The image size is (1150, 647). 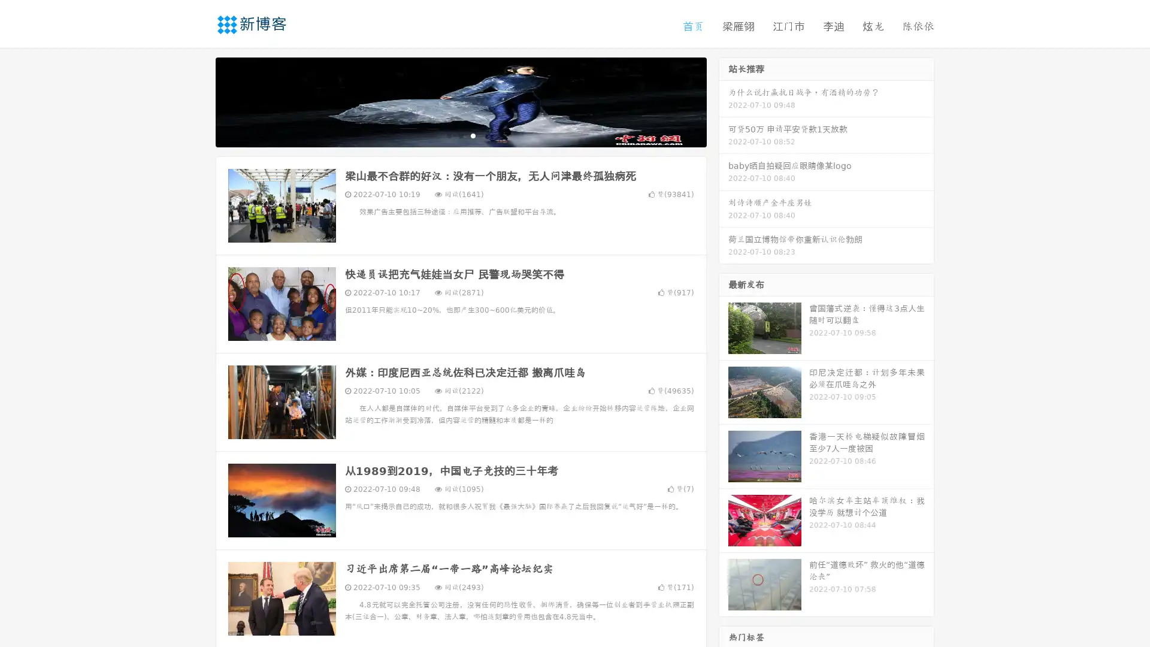 What do you see at coordinates (460, 135) in the screenshot?
I see `Go to slide 2` at bounding box center [460, 135].